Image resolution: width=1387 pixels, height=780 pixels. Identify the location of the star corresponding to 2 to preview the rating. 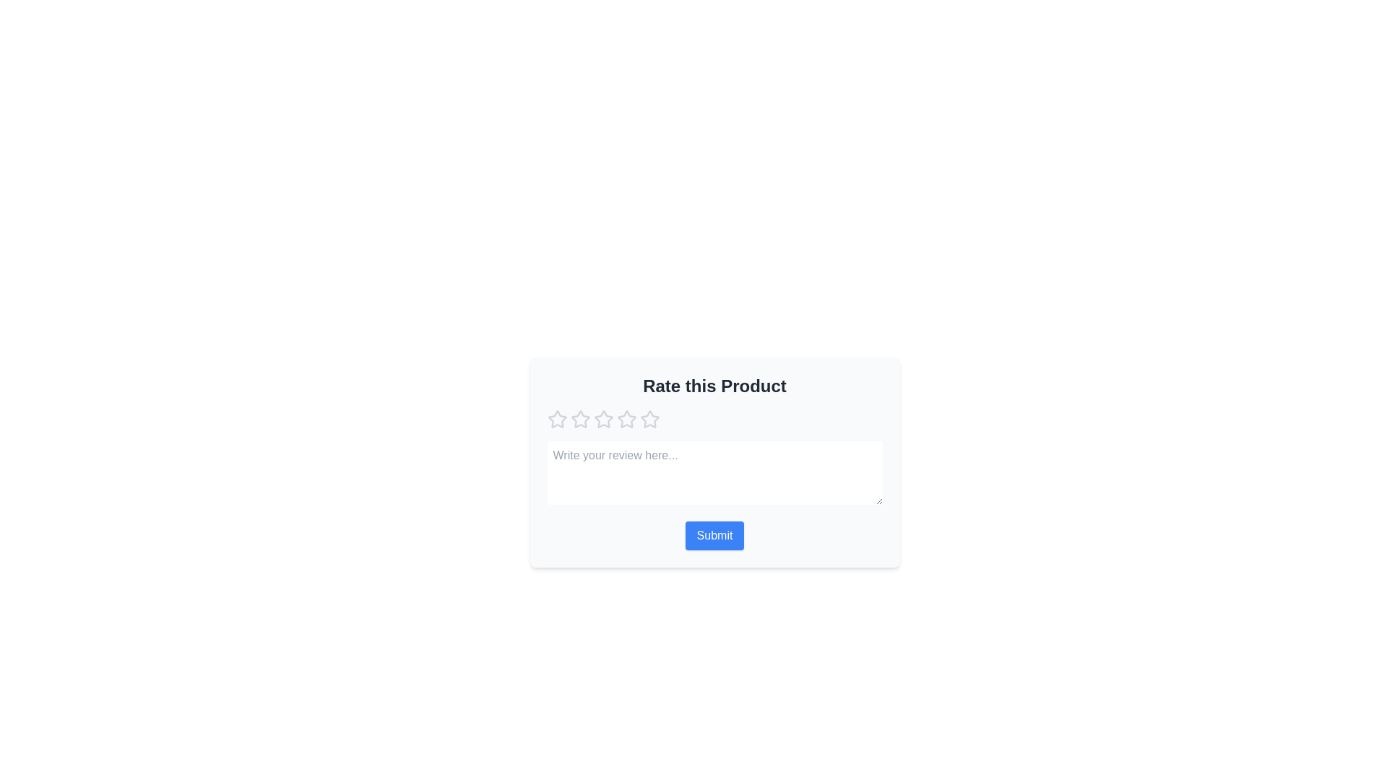
(580, 420).